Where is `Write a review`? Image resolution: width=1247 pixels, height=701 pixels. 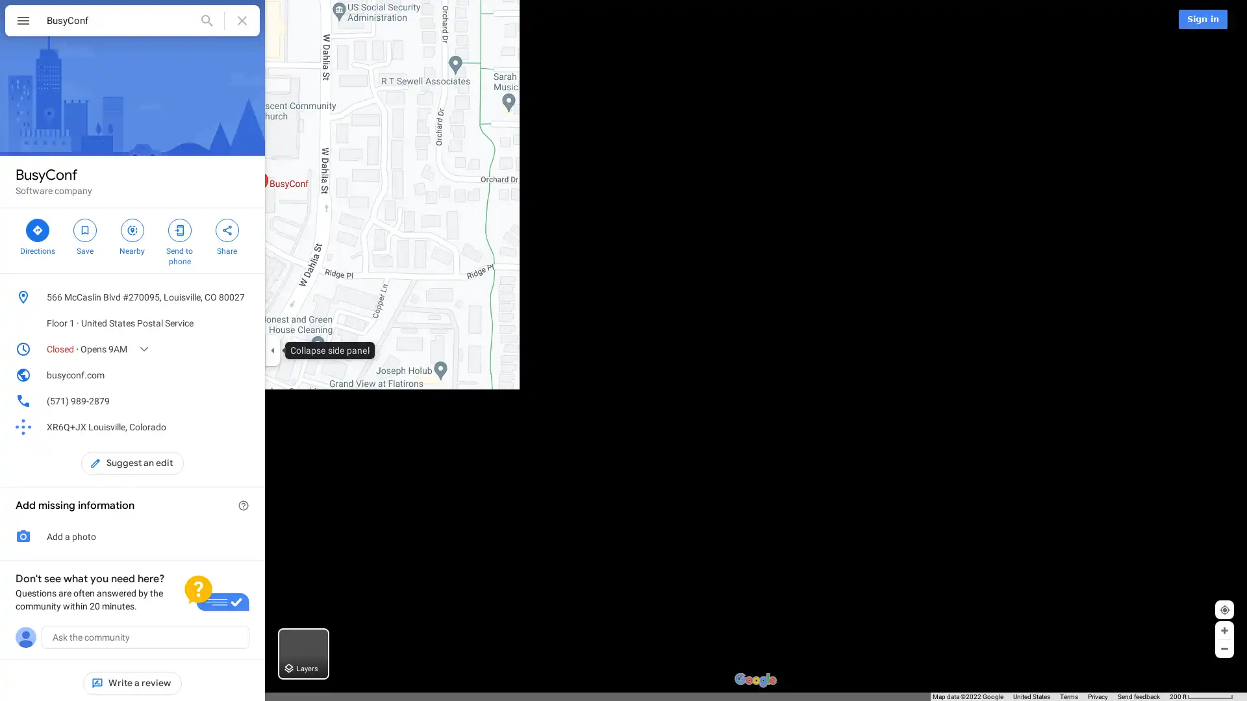
Write a review is located at coordinates (132, 683).